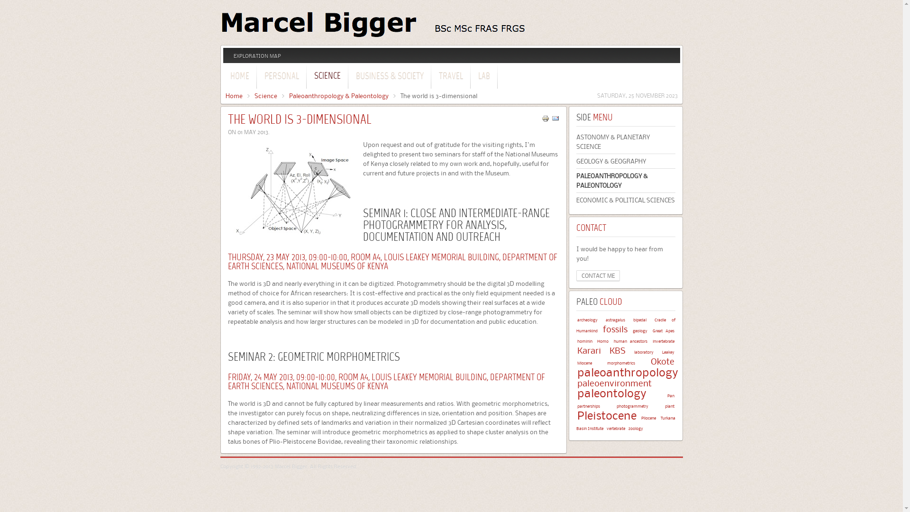  I want to click on 'Miocene', so click(584, 363).